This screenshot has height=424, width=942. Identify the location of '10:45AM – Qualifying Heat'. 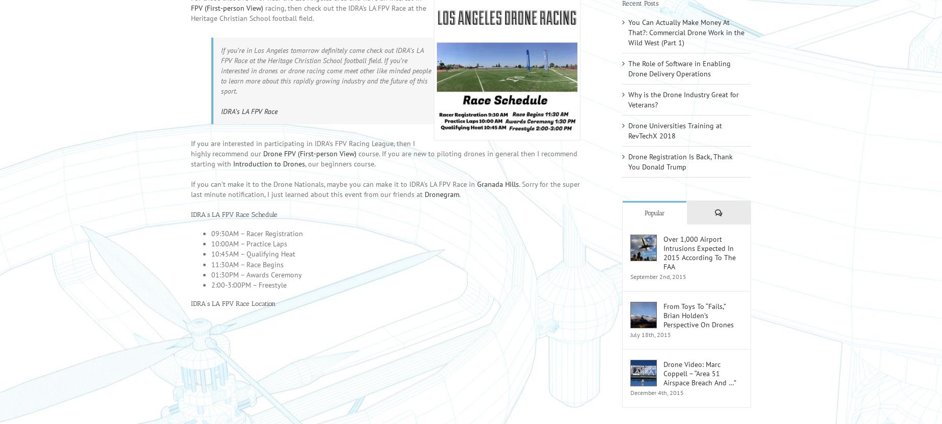
(253, 268).